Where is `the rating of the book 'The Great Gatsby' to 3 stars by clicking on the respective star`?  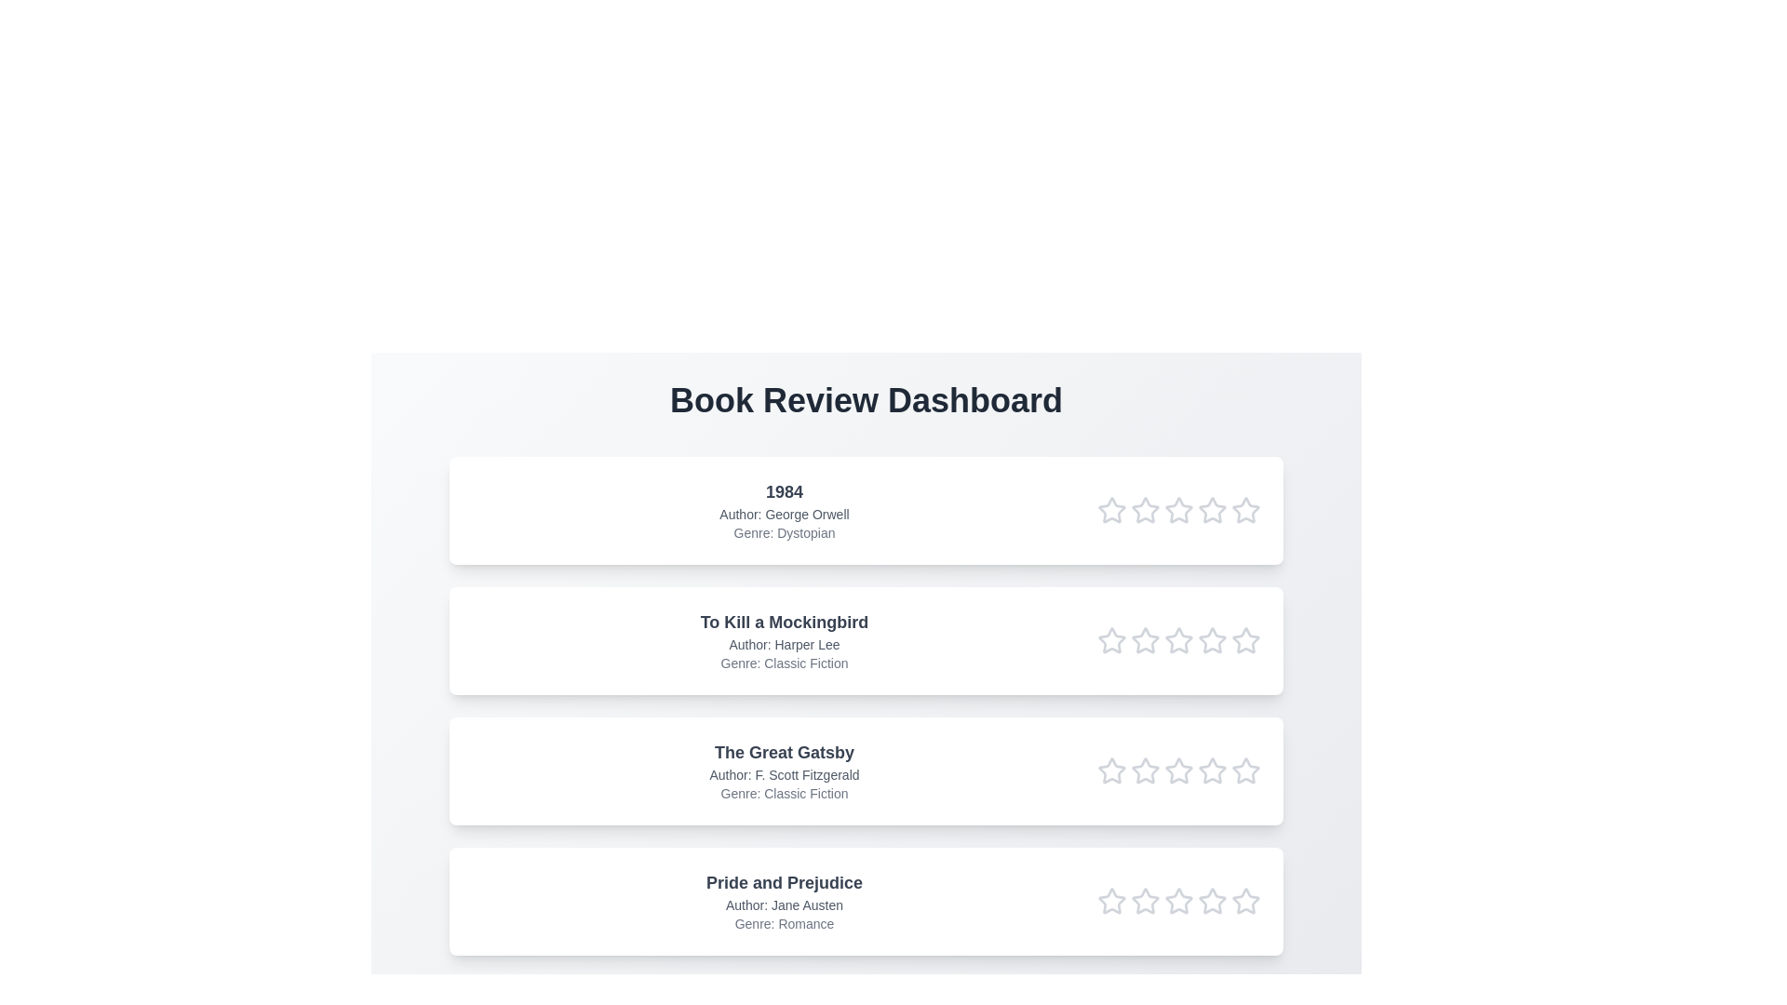 the rating of the book 'The Great Gatsby' to 3 stars by clicking on the respective star is located at coordinates (1178, 771).